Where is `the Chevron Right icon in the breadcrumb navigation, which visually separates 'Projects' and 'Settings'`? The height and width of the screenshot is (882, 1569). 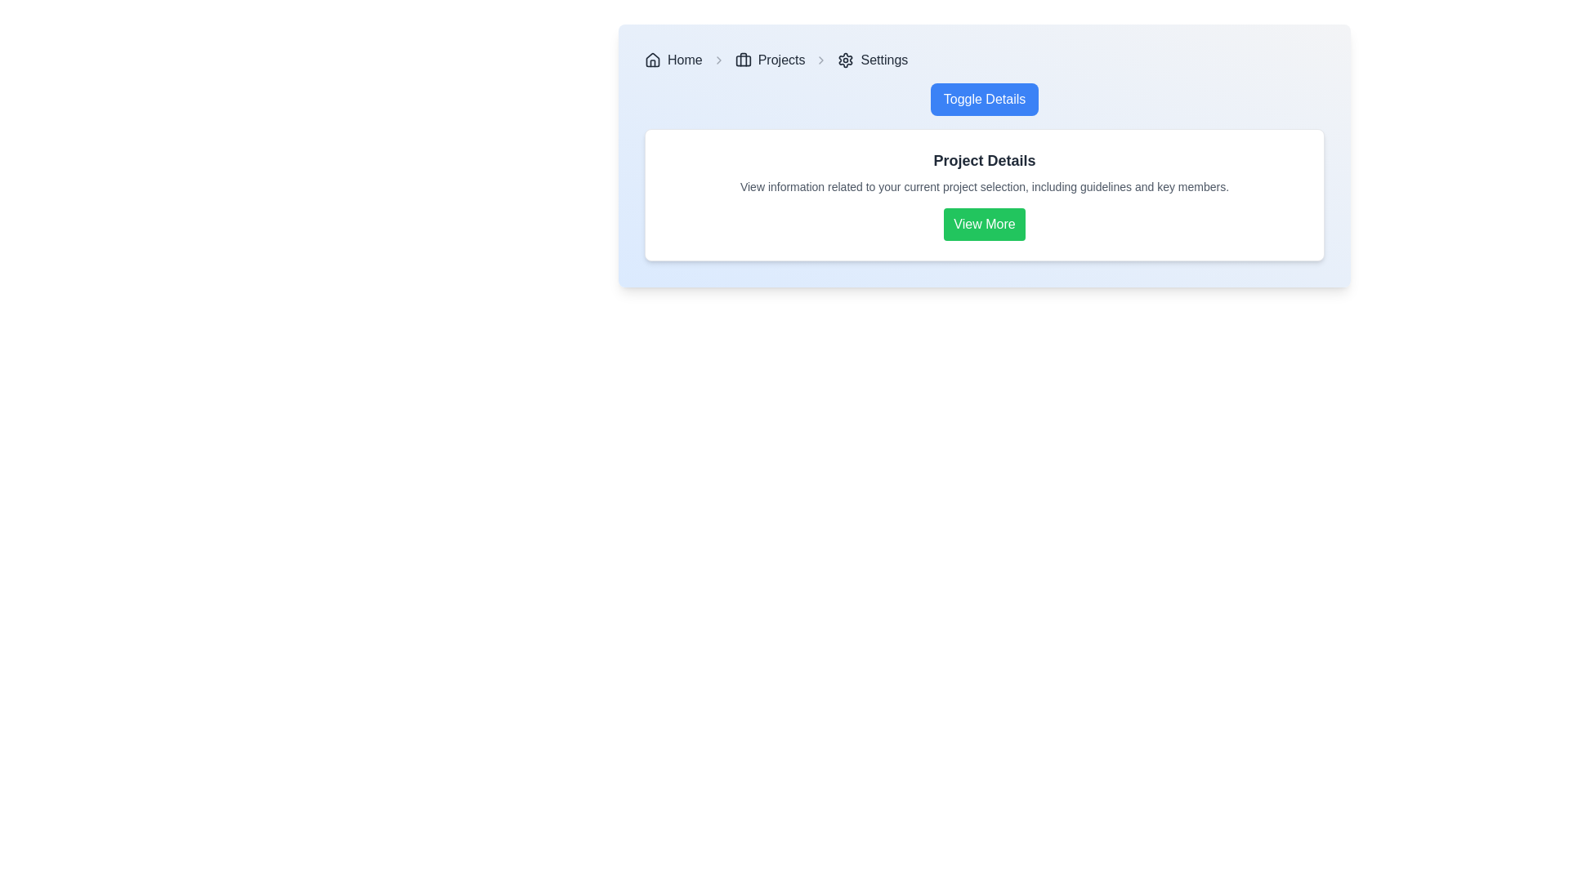 the Chevron Right icon in the breadcrumb navigation, which visually separates 'Projects' and 'Settings' is located at coordinates (821, 59).